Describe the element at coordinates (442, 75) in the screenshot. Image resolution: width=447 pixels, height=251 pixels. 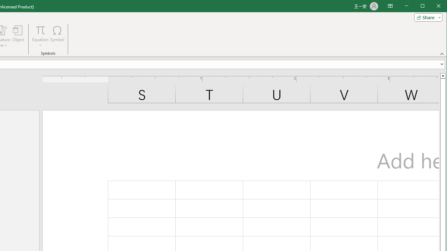
I see `'Line up'` at that location.